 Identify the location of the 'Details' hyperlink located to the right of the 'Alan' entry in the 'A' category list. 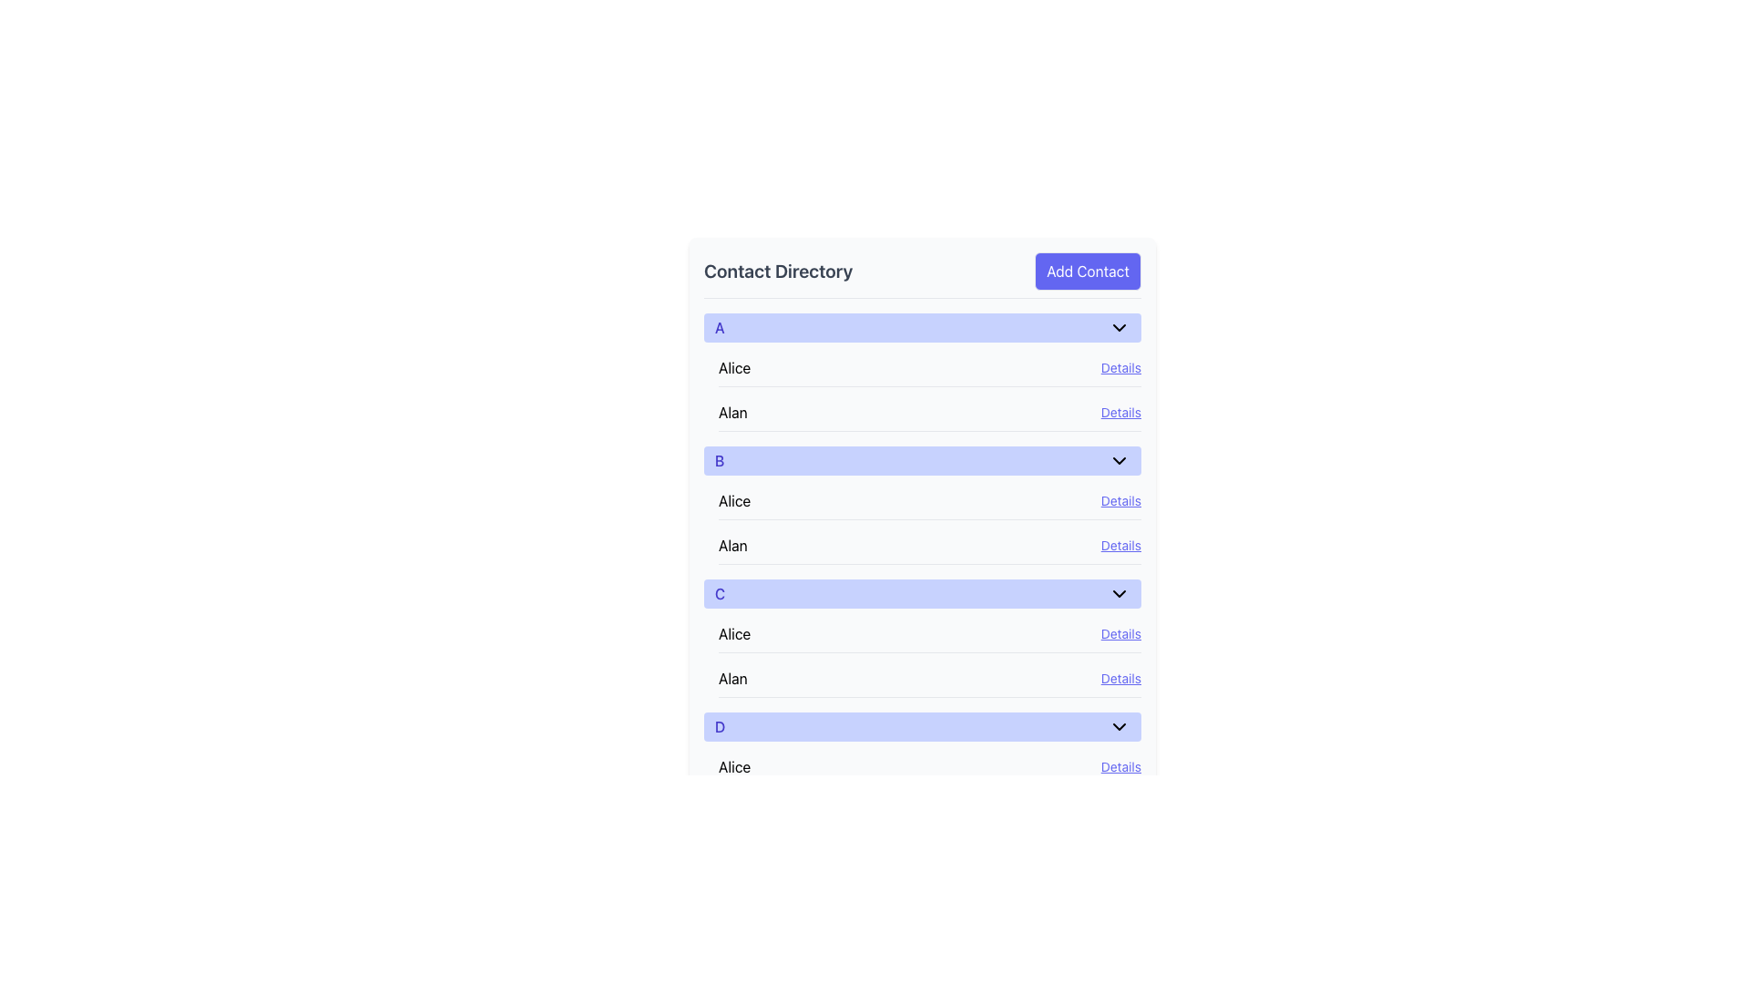
(1120, 412).